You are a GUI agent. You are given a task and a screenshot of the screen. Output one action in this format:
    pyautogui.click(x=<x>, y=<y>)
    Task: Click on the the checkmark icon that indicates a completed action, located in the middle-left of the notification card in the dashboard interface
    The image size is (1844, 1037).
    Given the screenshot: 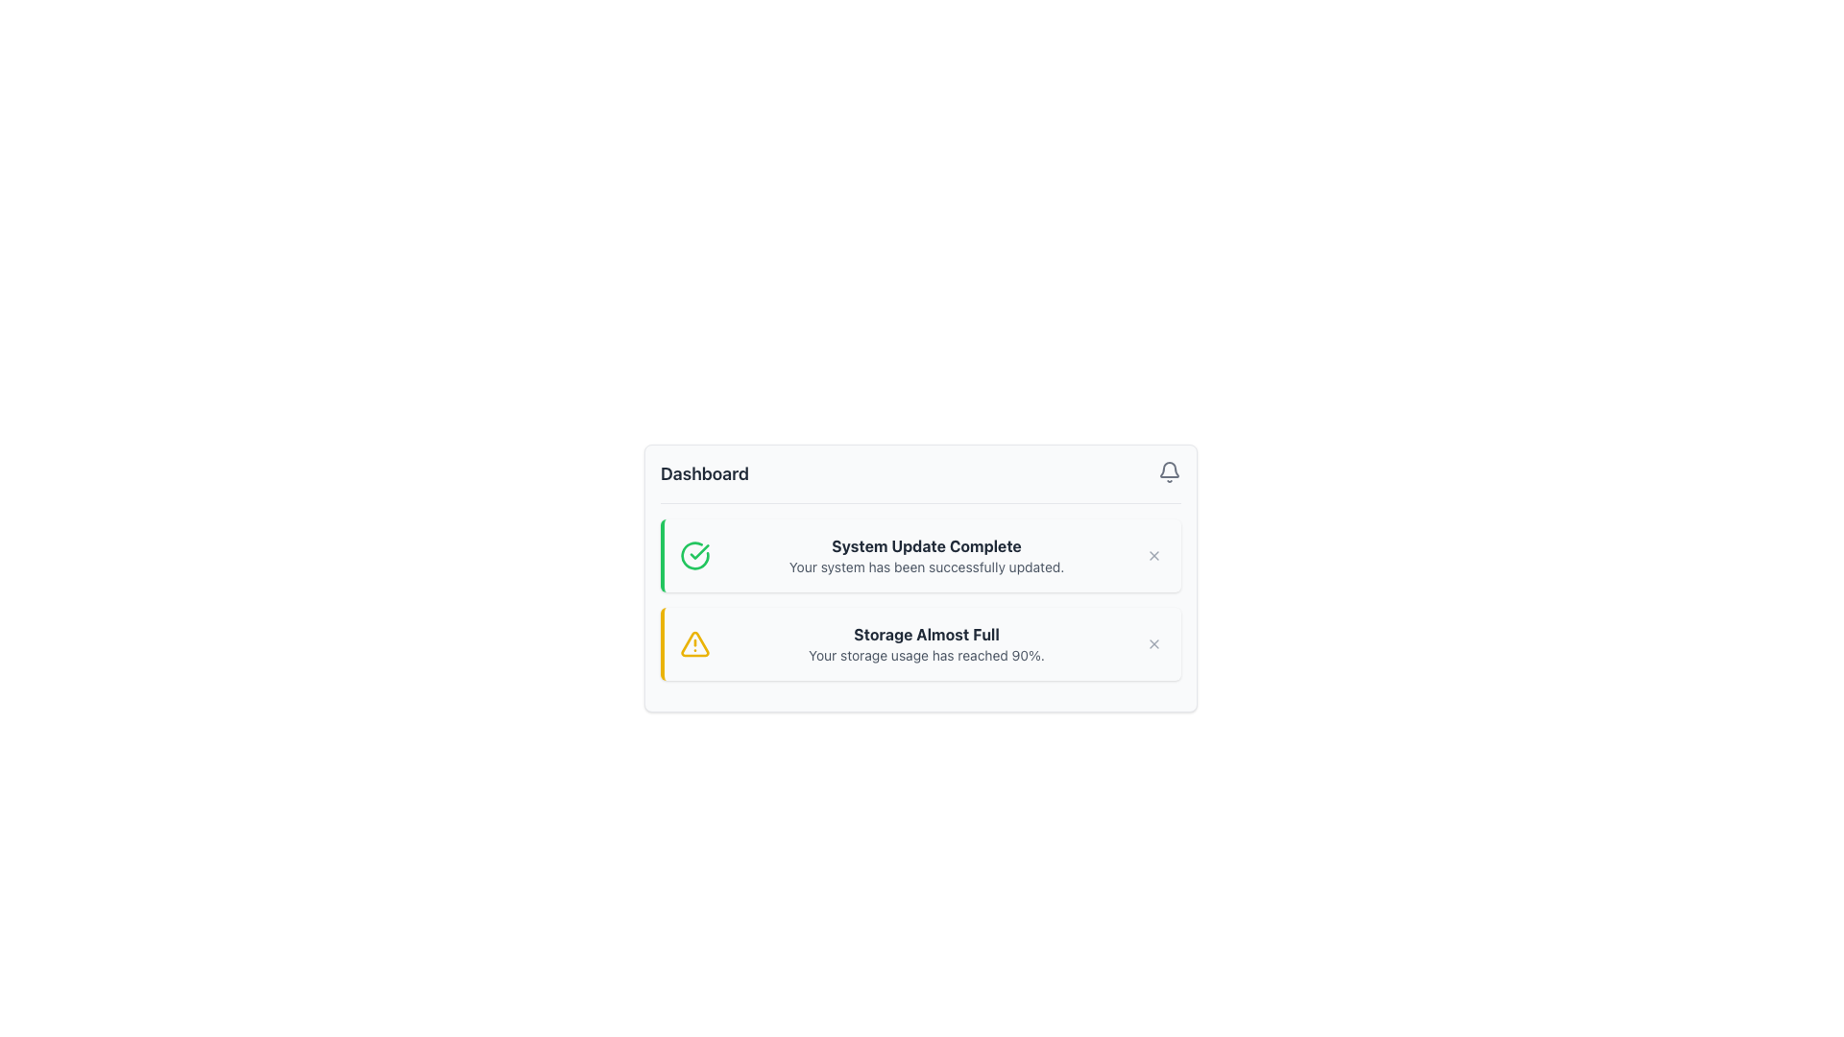 What is the action you would take?
    pyautogui.click(x=698, y=551)
    